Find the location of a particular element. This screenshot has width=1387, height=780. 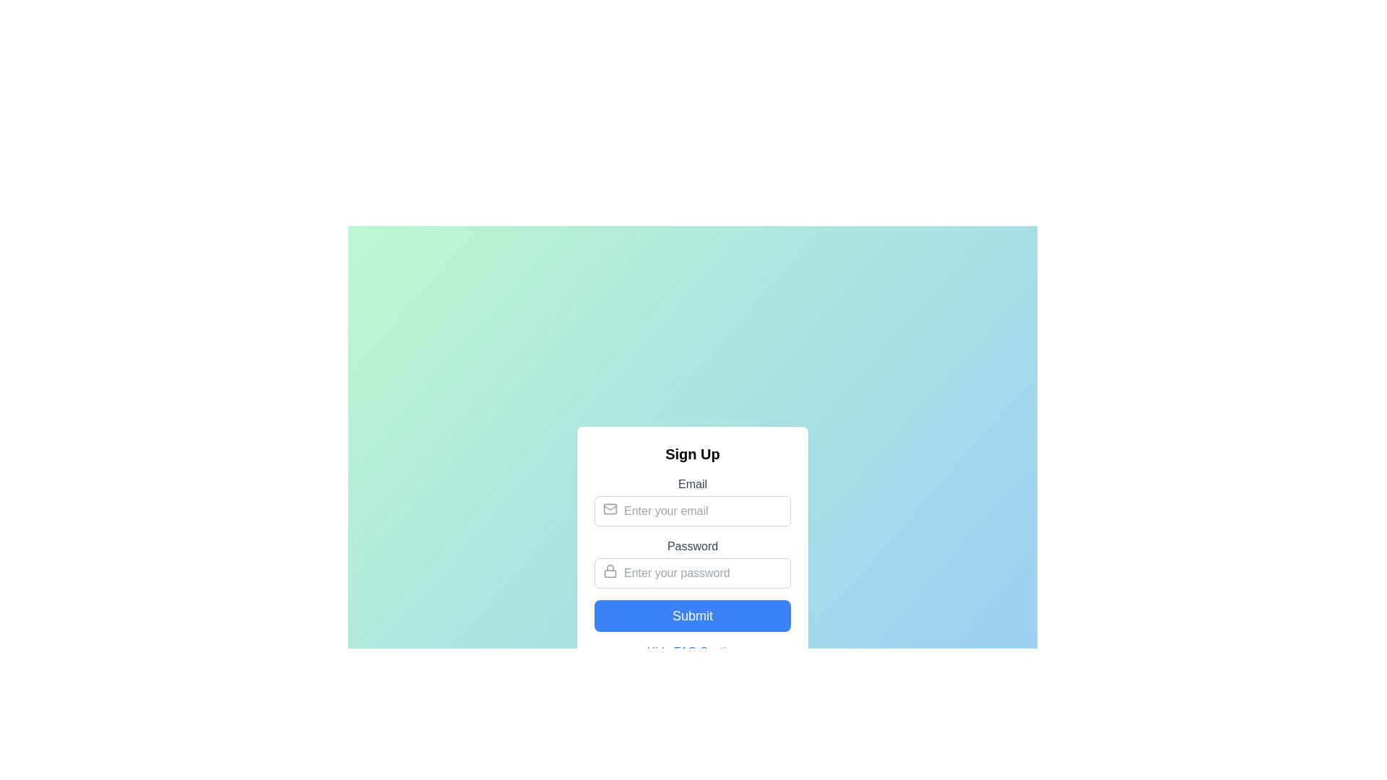

the SVG lock icon, which is a minimalist design indicating secure areas, located within the password input field's border on the left side is located at coordinates (610, 570).